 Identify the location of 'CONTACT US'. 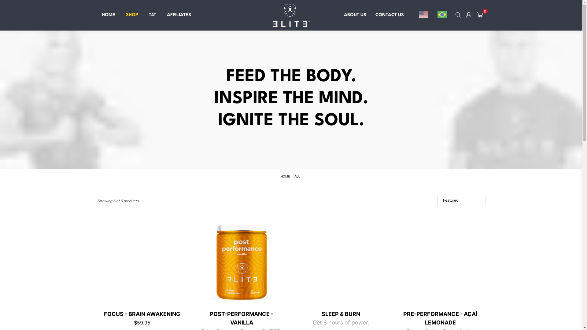
(370, 15).